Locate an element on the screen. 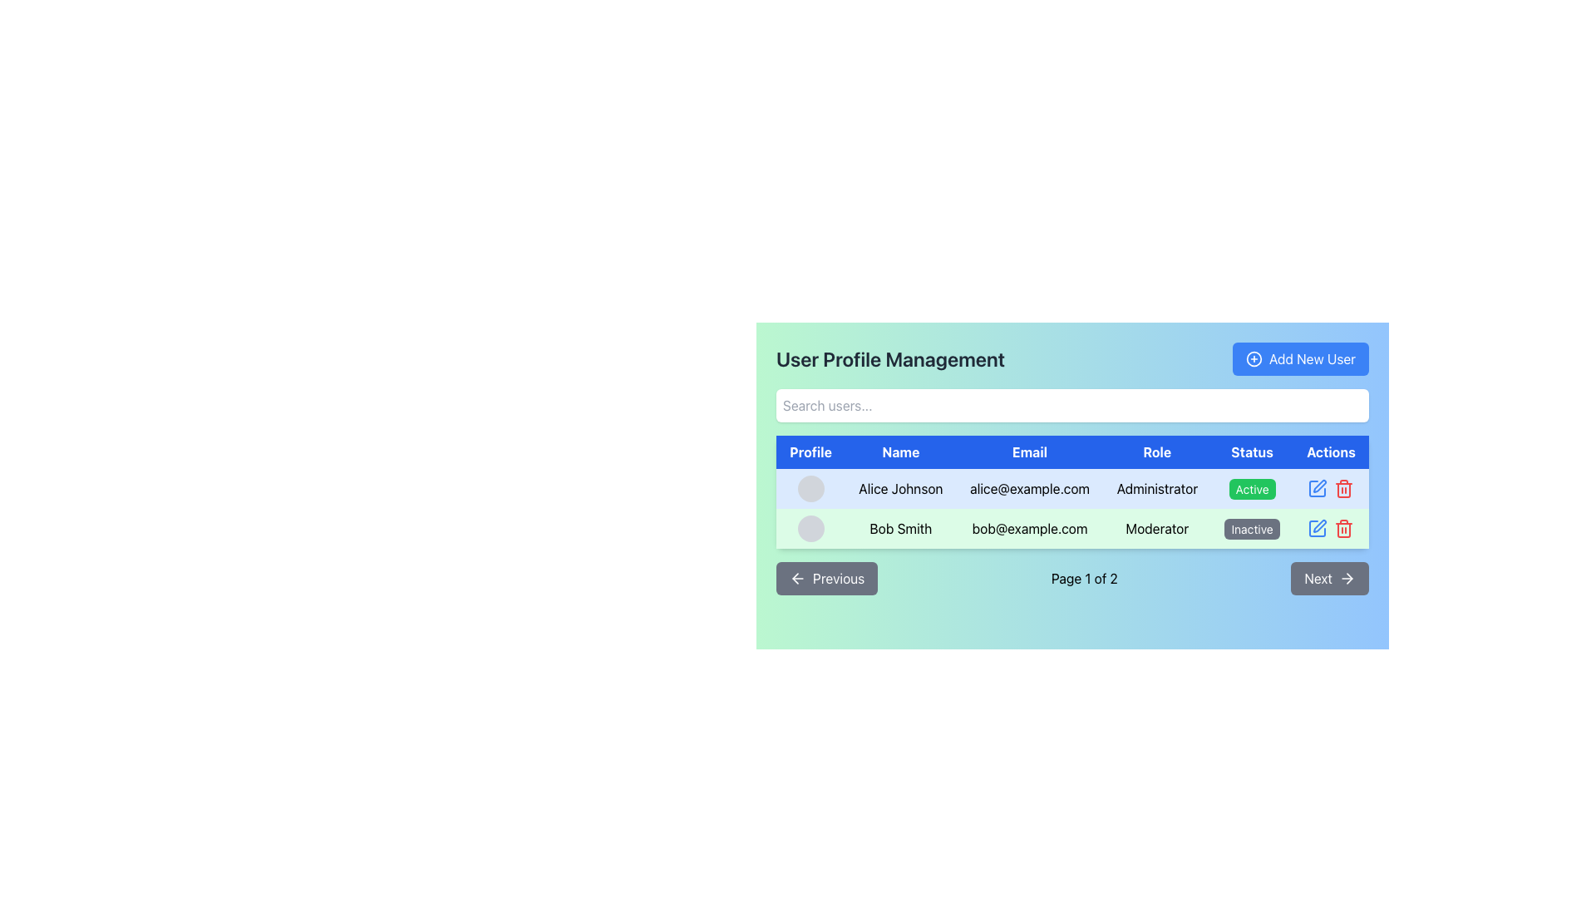 The image size is (1596, 898). the status label indicating that Alice Johnson is active, located in the Status column of the table is located at coordinates (1252, 487).